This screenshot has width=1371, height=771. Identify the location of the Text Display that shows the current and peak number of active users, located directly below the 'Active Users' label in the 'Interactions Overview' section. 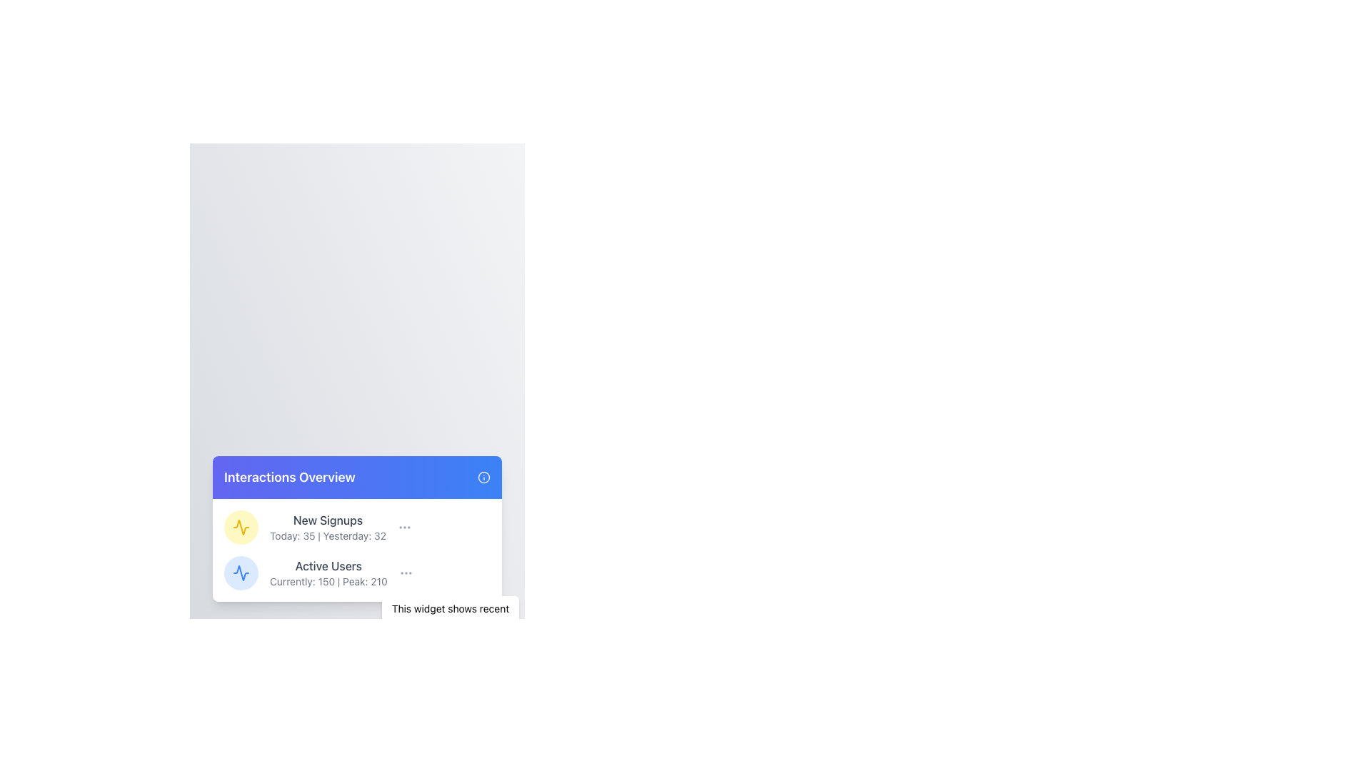
(328, 581).